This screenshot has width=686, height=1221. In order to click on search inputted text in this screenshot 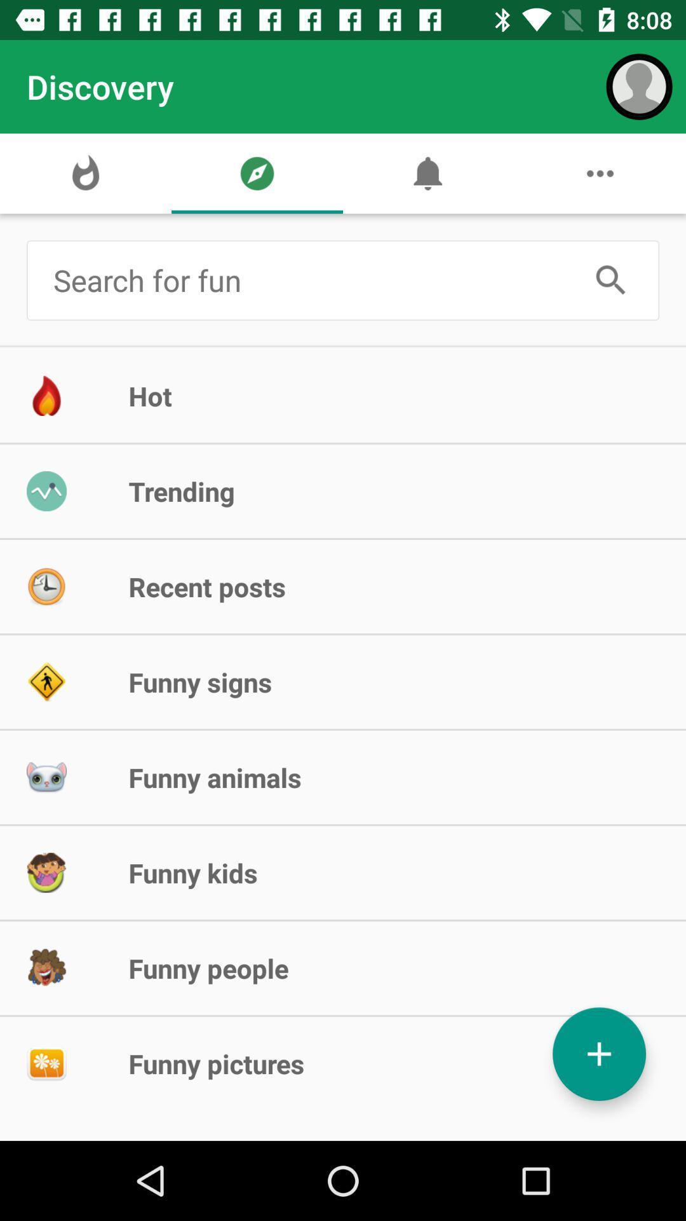, I will do `click(610, 280)`.